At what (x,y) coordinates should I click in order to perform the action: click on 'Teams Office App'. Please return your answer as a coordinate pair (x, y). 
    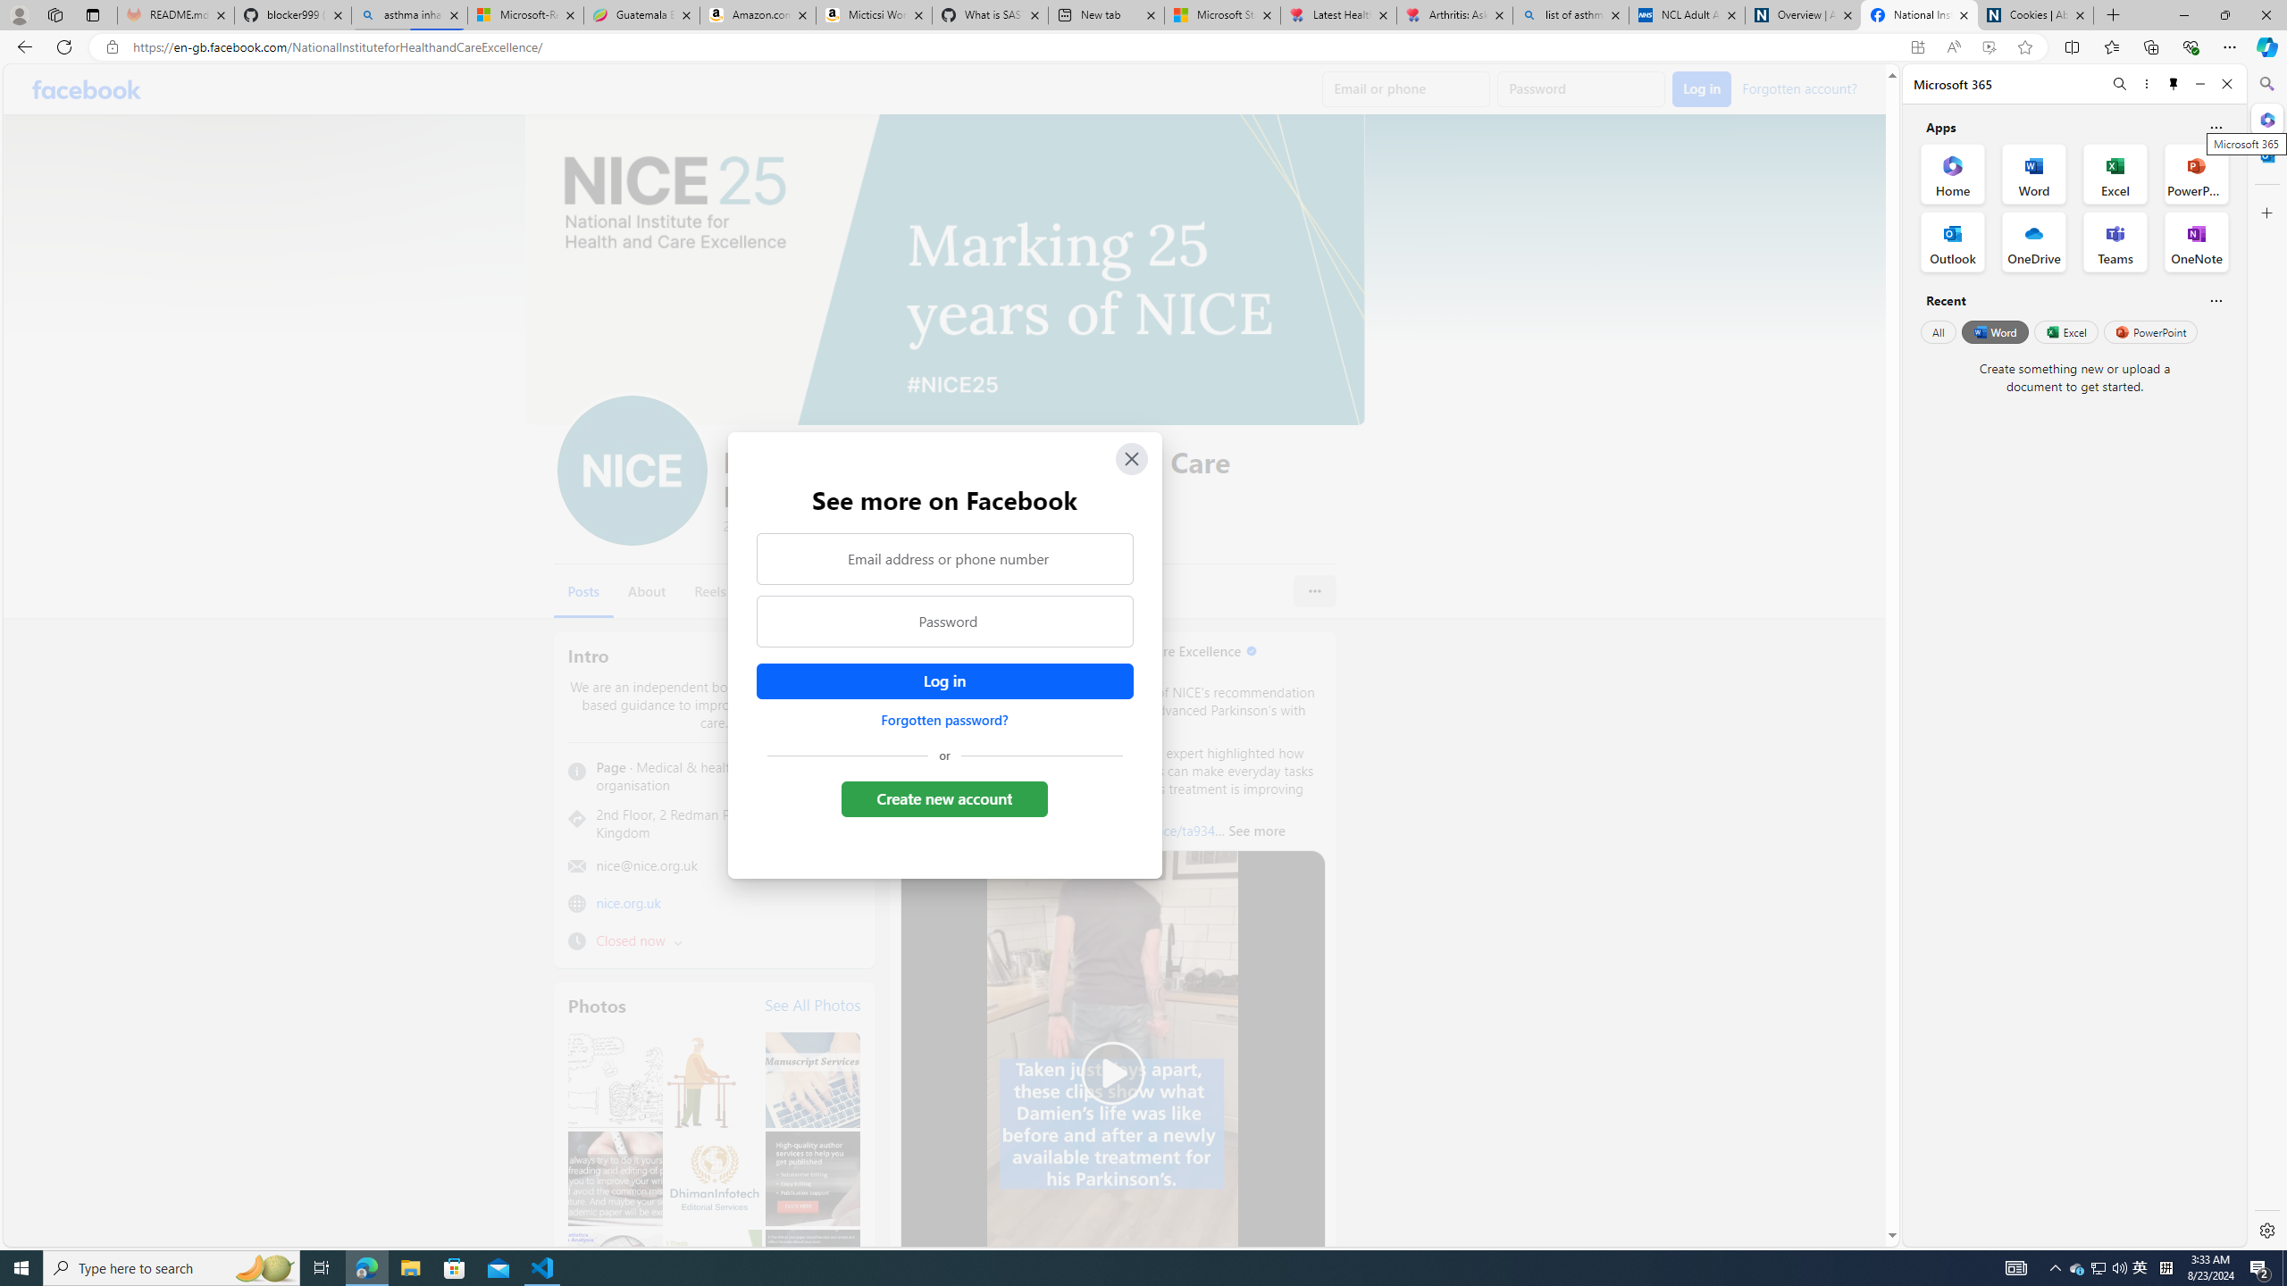
    Looking at the image, I should click on (2115, 242).